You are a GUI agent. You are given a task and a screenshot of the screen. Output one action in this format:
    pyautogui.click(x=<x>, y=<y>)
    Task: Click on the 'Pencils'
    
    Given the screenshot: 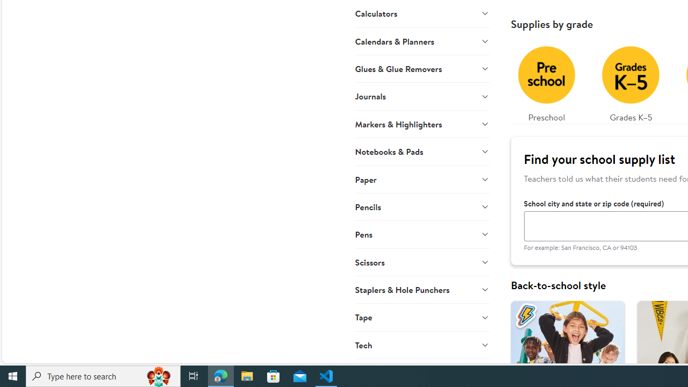 What is the action you would take?
    pyautogui.click(x=421, y=206)
    